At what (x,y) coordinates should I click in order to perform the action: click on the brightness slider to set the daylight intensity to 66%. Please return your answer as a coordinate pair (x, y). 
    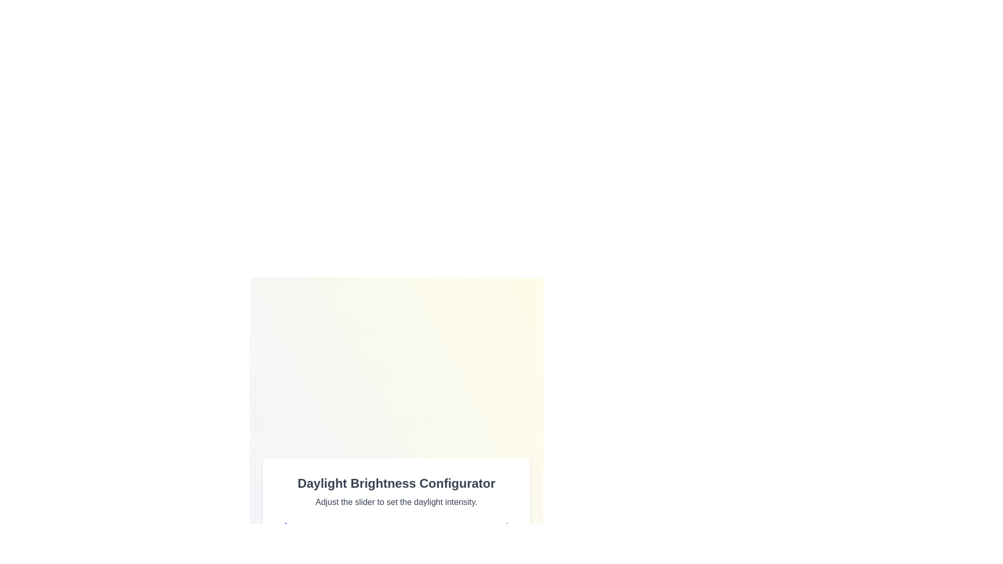
    Looking at the image, I should click on (434, 551).